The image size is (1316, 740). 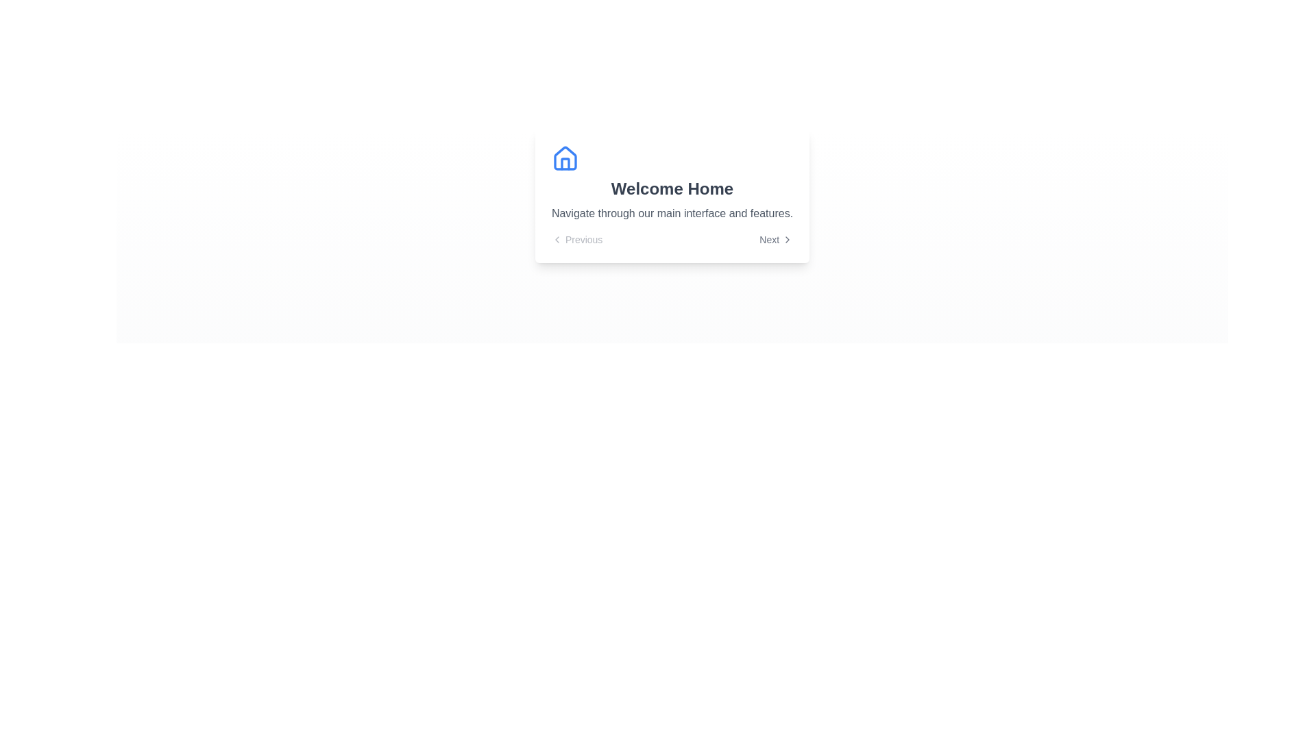 What do you see at coordinates (565, 158) in the screenshot?
I see `the house-shaped icon with a blue stroke located at the top left corner of the 'Welcome Home' card, directly above the main header text` at bounding box center [565, 158].